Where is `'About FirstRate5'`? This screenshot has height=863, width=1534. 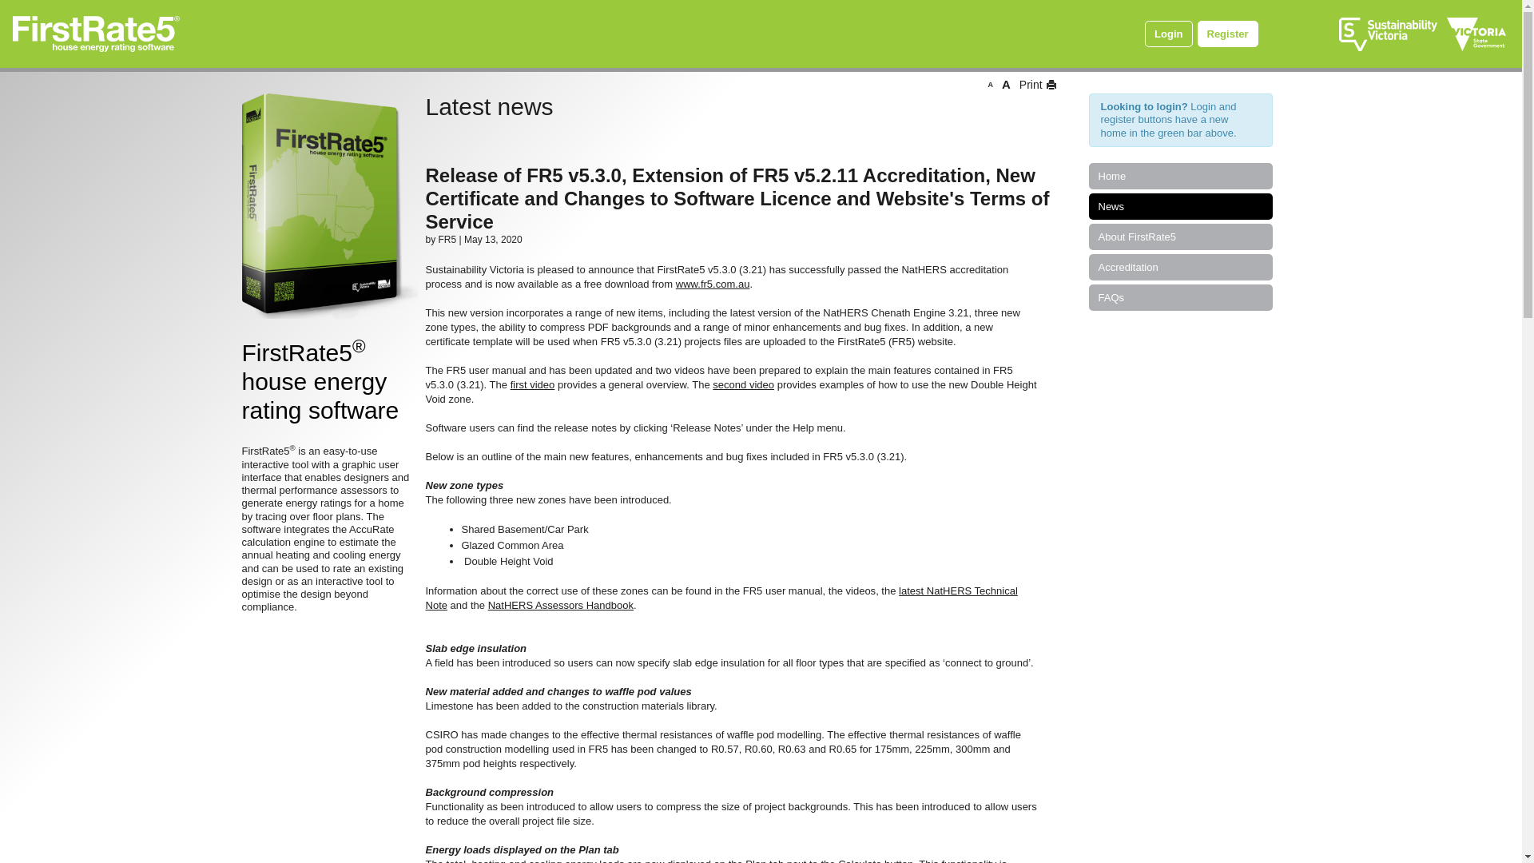 'About FirstRate5' is located at coordinates (1180, 237).